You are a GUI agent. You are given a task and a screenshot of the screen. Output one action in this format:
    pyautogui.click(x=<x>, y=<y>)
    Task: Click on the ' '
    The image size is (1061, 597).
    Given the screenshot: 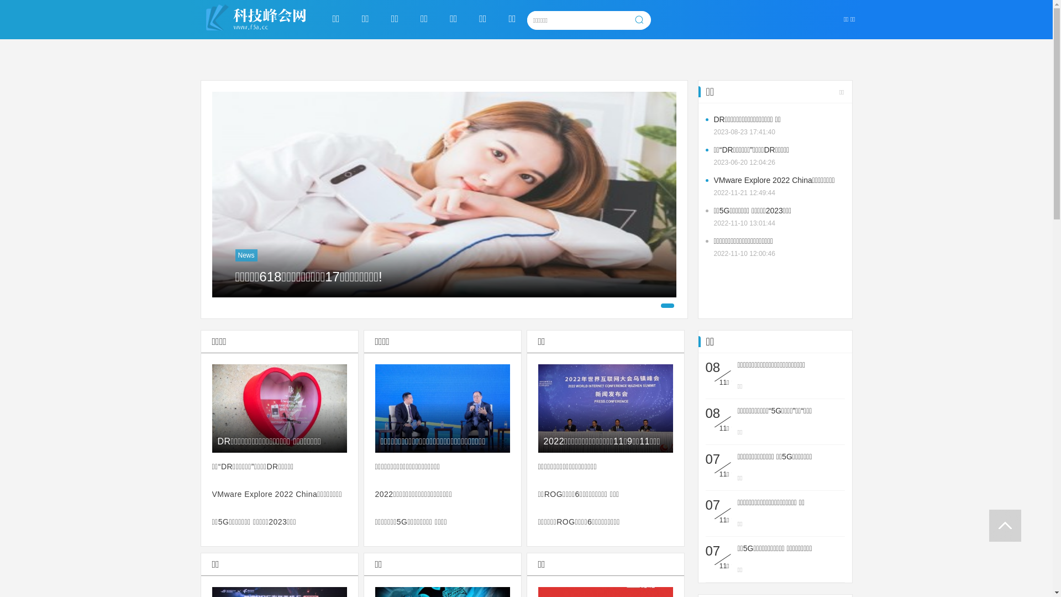 What is the action you would take?
    pyautogui.click(x=1005, y=525)
    